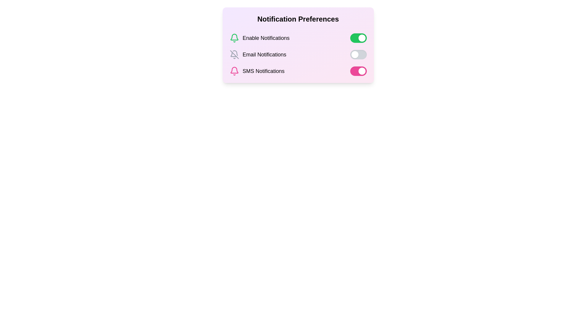  I want to click on the 'notifications off' icon located to the left of the 'Email Notifications' text label in the Notification Preferences section, so click(234, 55).